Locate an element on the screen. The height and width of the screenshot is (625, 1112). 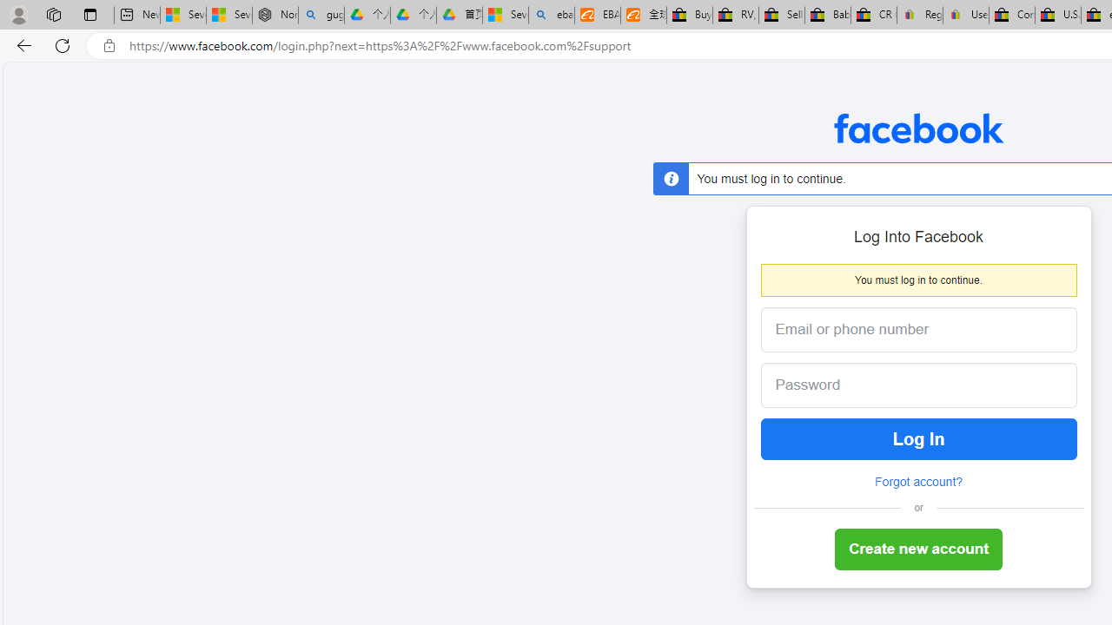
'U.S. State Privacy Disclosures - eBay Inc.' is located at coordinates (1056, 15).